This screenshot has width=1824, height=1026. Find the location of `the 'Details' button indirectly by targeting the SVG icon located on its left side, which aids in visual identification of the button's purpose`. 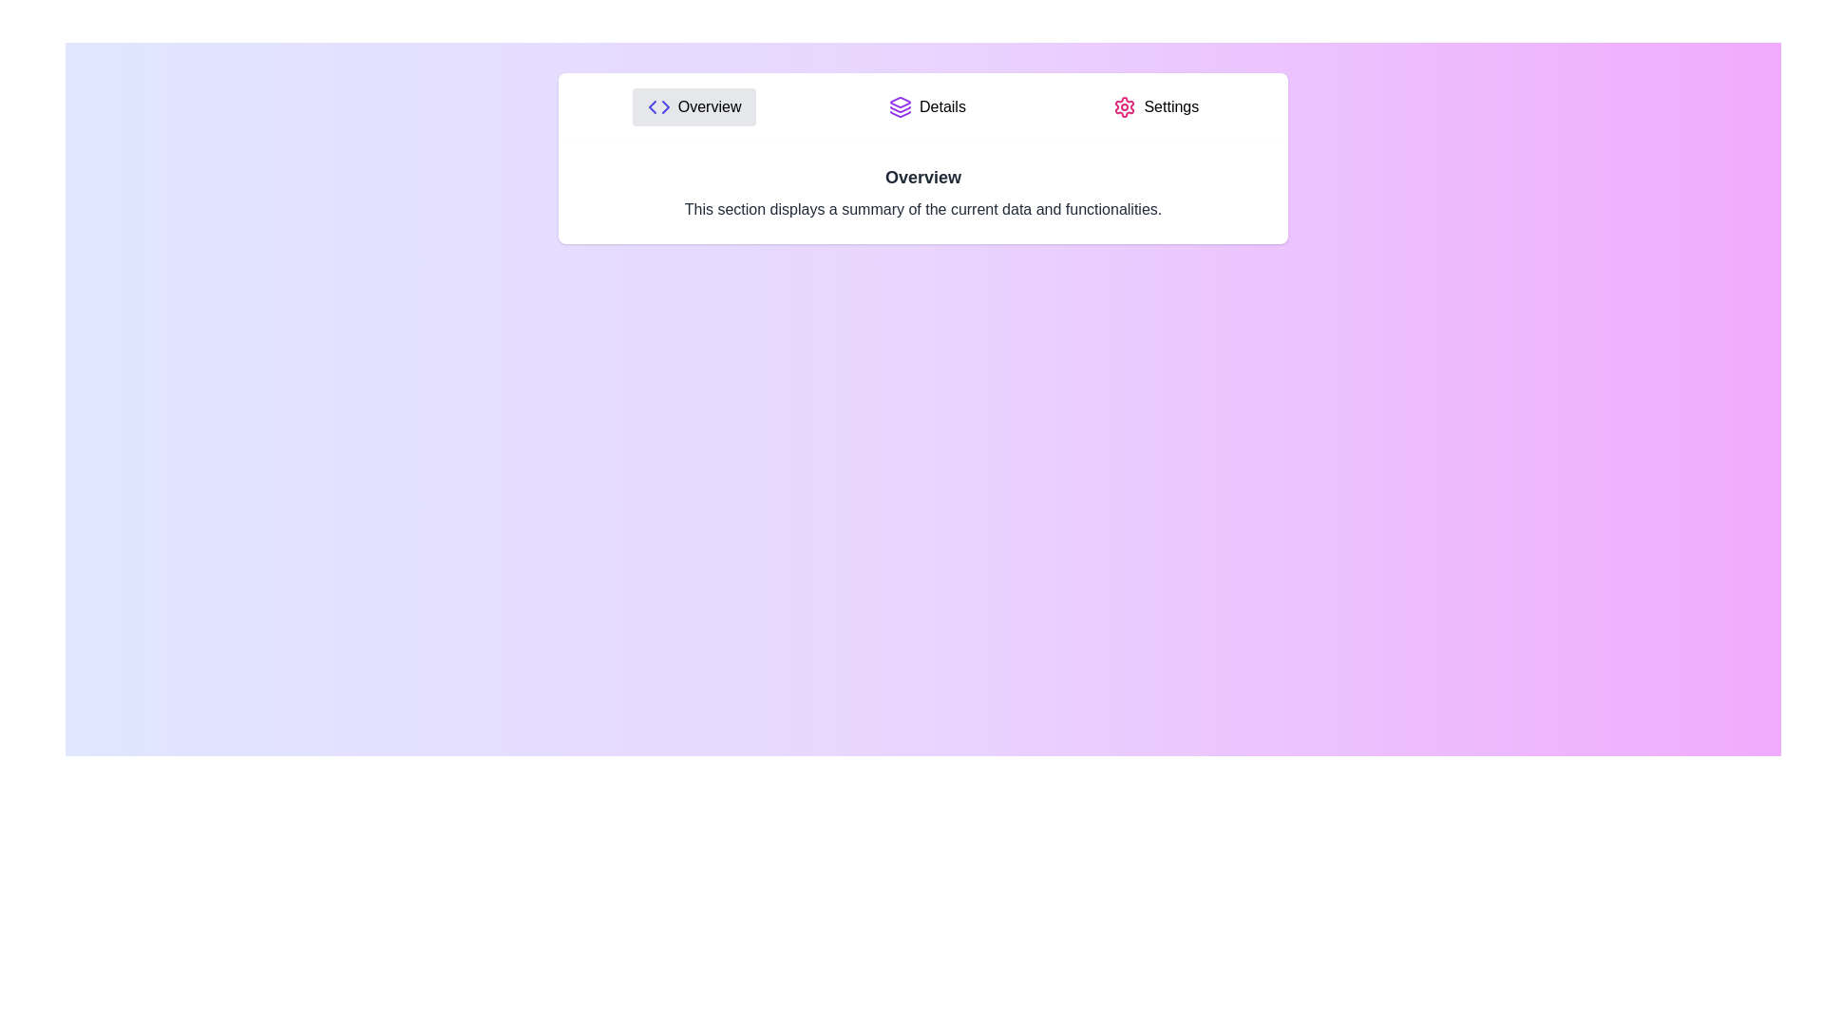

the 'Details' button indirectly by targeting the SVG icon located on its left side, which aids in visual identification of the button's purpose is located at coordinates (899, 106).